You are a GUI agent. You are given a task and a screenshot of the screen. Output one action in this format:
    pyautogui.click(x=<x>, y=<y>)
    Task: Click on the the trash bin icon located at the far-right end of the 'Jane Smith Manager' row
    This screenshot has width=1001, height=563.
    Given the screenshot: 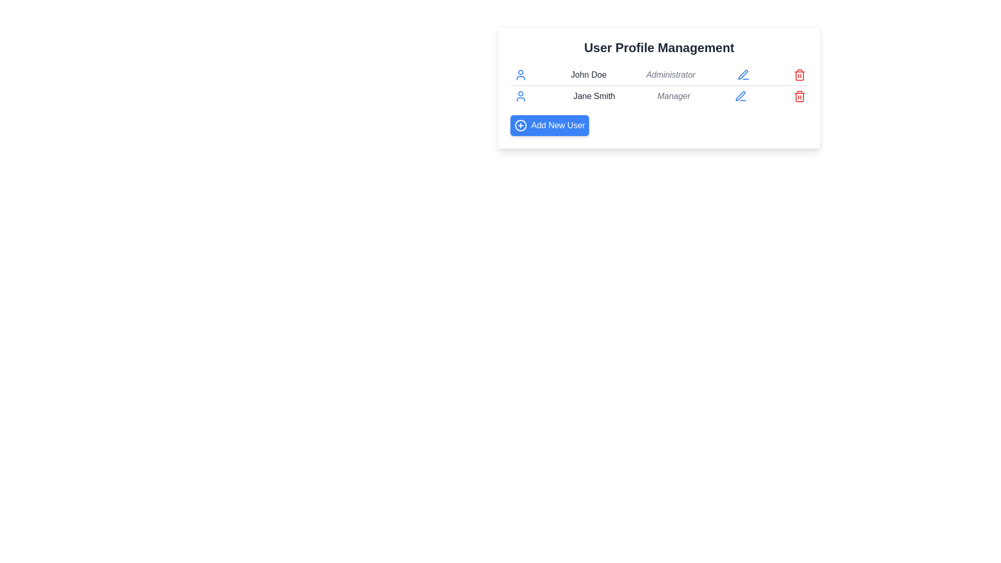 What is the action you would take?
    pyautogui.click(x=799, y=96)
    